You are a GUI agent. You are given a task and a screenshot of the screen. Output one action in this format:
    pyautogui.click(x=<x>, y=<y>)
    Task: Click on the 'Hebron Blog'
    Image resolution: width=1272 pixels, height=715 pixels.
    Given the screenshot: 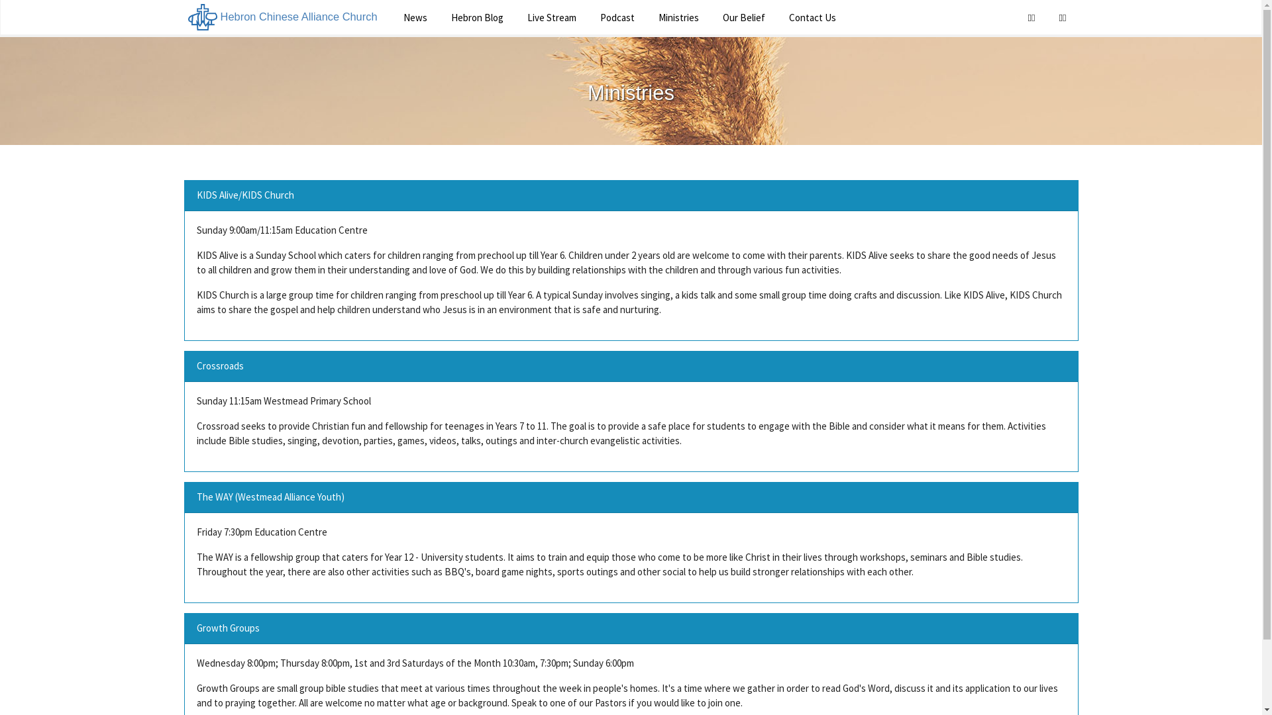 What is the action you would take?
    pyautogui.click(x=476, y=17)
    